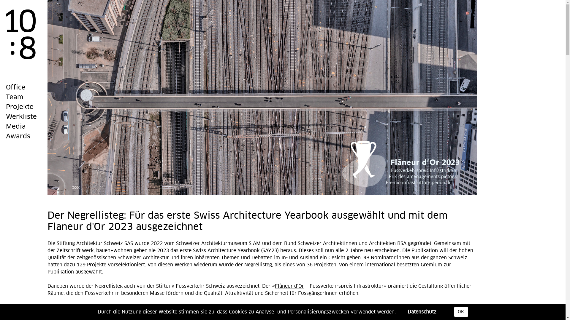 The width and height of the screenshot is (570, 320). What do you see at coordinates (15, 88) in the screenshot?
I see `'Office'` at bounding box center [15, 88].